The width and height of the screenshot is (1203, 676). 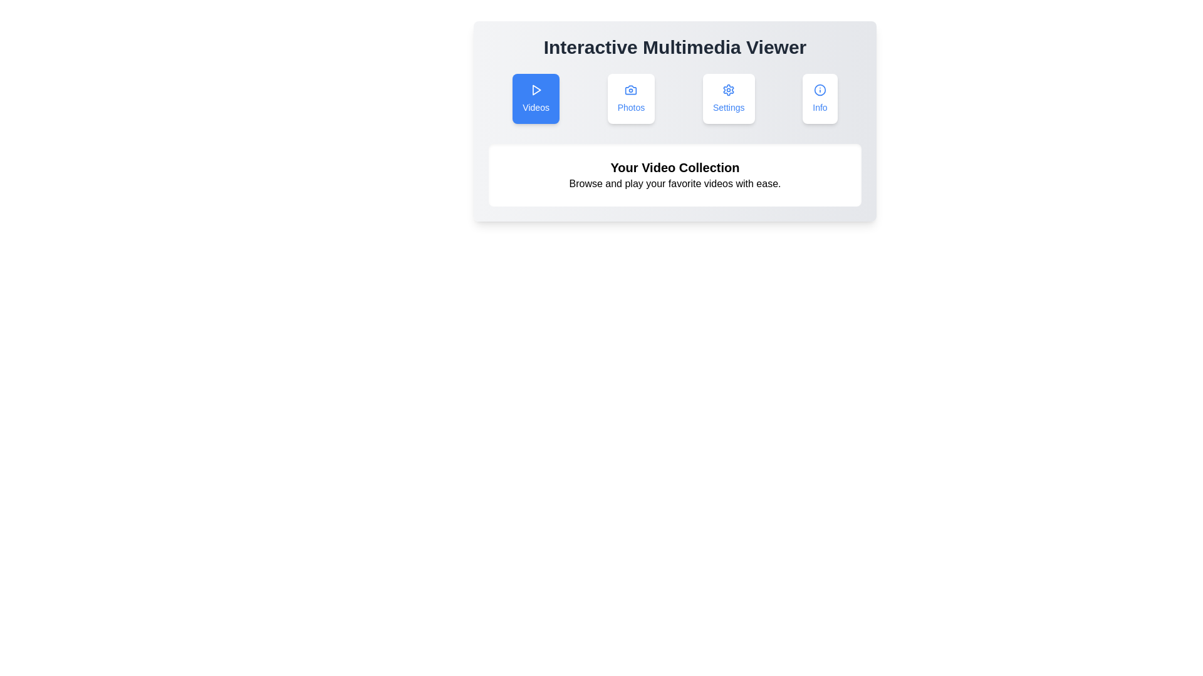 I want to click on the Settings button, which is a rectangular button with a white background and blue foreground, containing a gear icon and the word 'Settings' in blue text, located between the 'Photos' and 'Info' buttons, so click(x=729, y=98).